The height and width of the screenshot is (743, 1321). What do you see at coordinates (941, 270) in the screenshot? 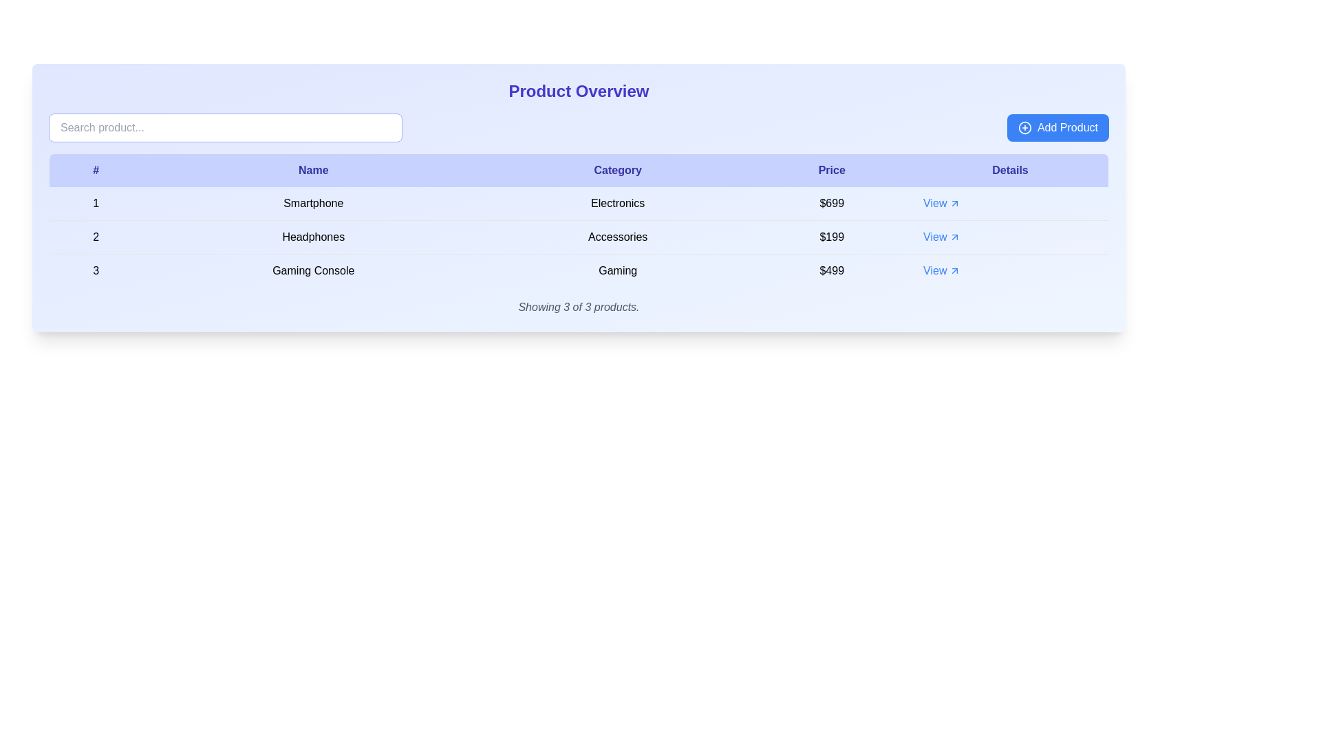
I see `the hyperlink in the 'Details' column of the table for the 'Gaming Console' entry` at bounding box center [941, 270].